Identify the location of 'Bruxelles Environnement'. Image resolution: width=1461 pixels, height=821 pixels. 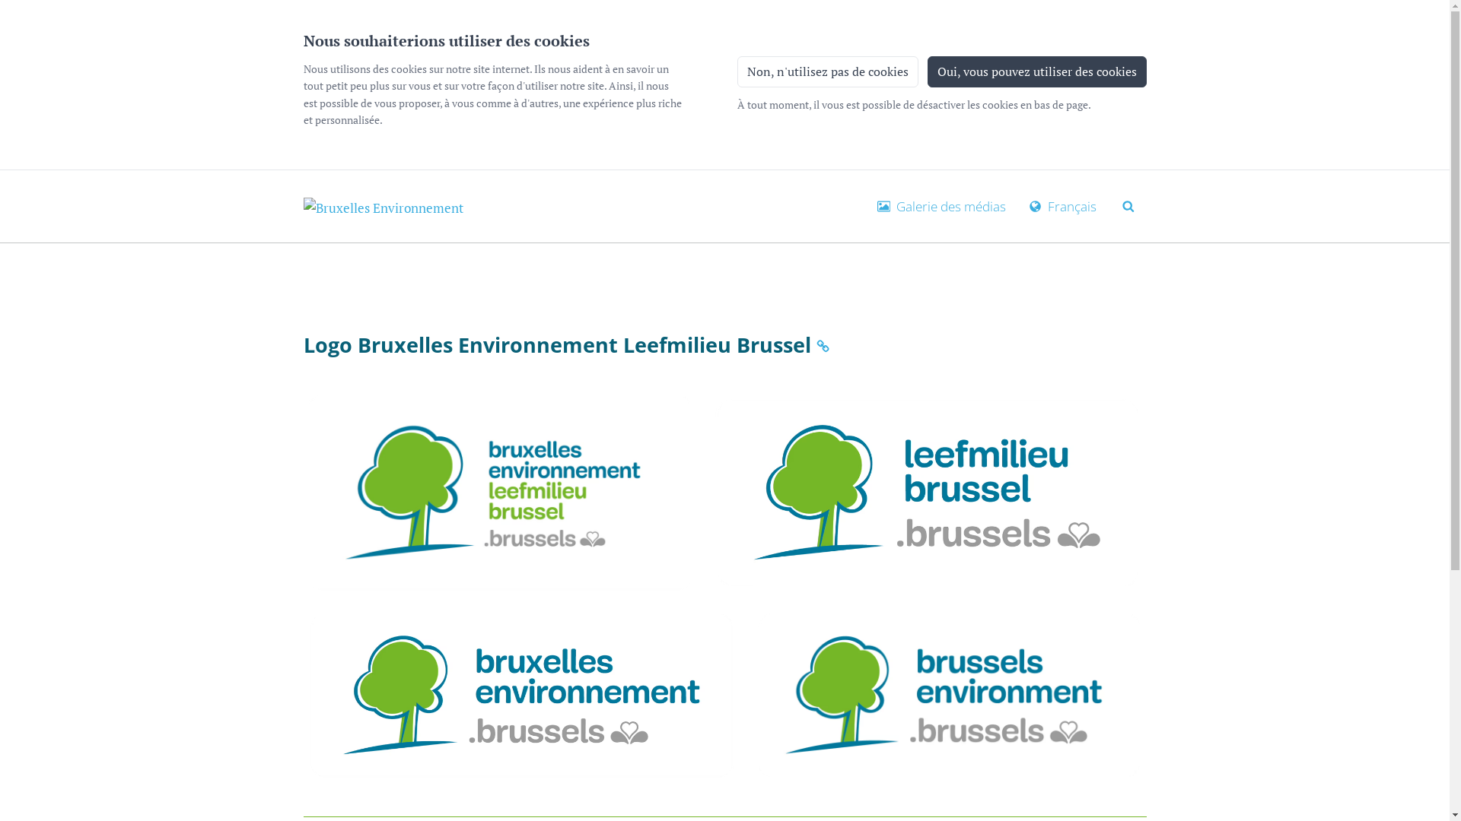
(383, 206).